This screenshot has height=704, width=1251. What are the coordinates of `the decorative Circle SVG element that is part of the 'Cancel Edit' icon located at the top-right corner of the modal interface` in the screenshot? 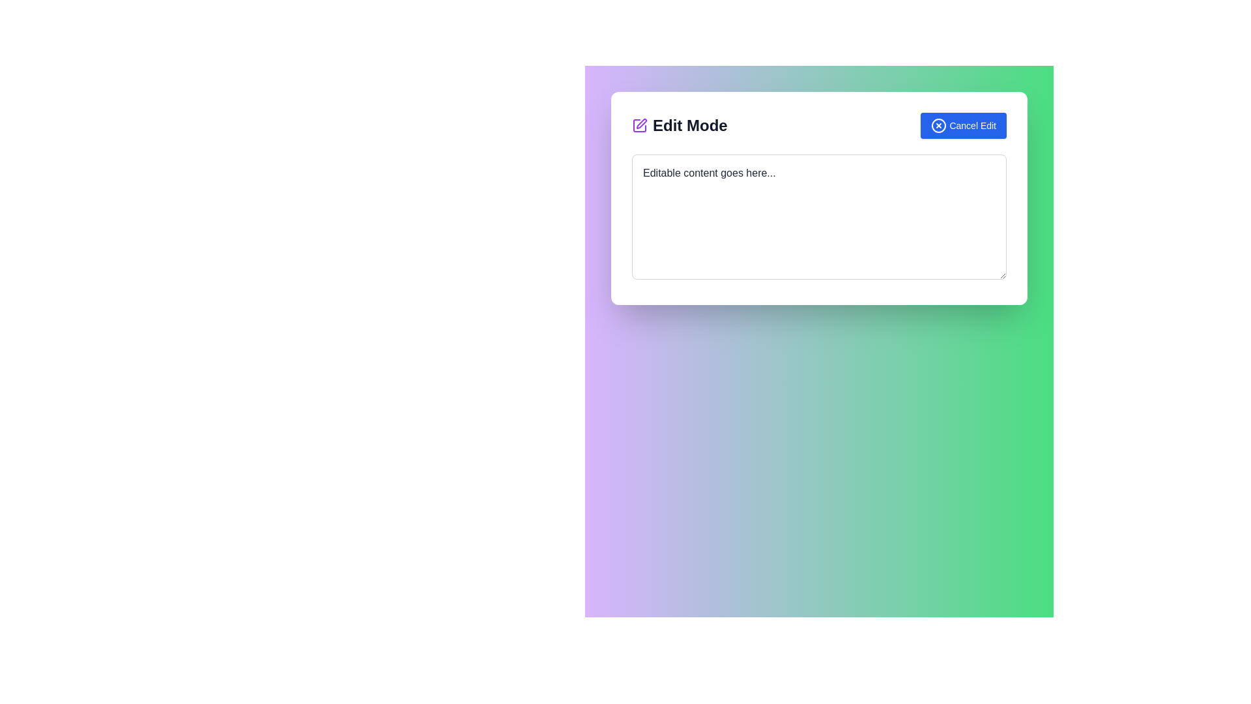 It's located at (939, 125).